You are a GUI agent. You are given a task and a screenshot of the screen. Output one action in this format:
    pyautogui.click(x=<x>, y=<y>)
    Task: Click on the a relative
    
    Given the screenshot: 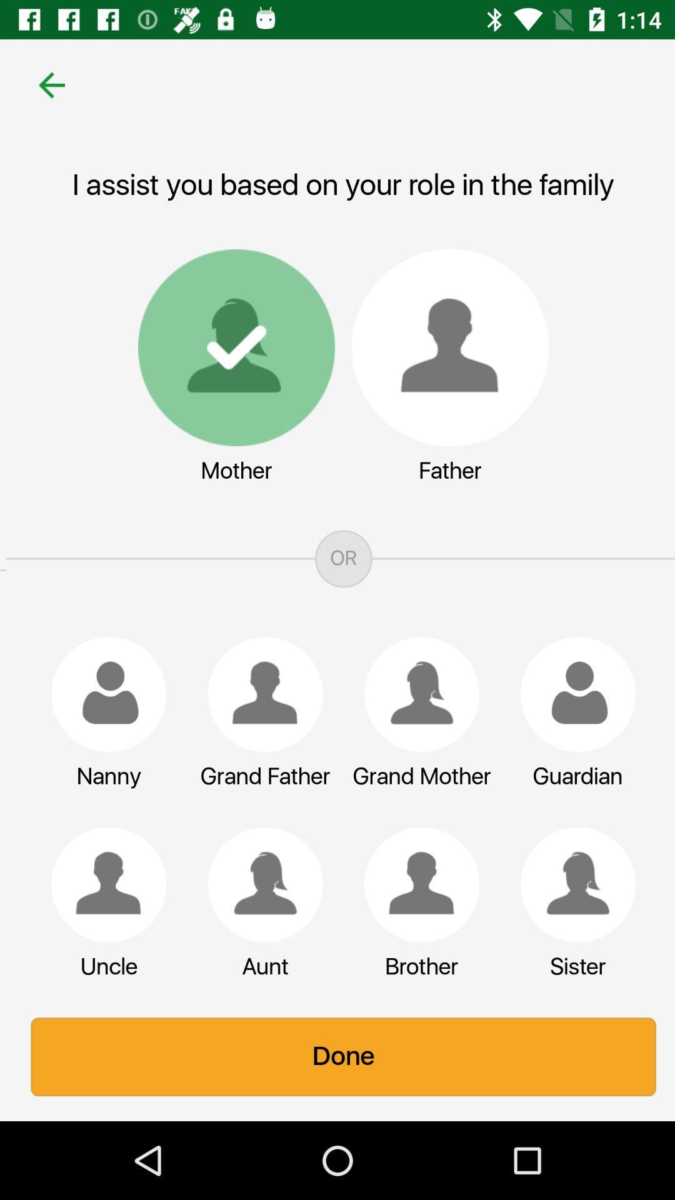 What is the action you would take?
    pyautogui.click(x=102, y=884)
    